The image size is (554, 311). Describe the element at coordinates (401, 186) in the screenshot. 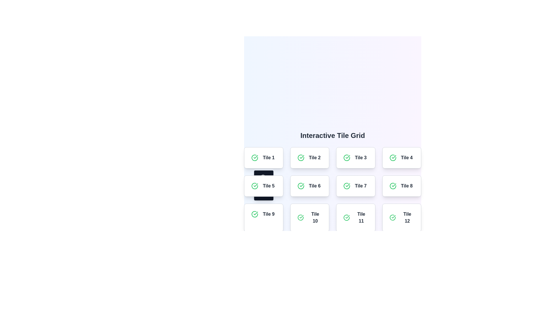

I see `'Tile 8'` at that location.